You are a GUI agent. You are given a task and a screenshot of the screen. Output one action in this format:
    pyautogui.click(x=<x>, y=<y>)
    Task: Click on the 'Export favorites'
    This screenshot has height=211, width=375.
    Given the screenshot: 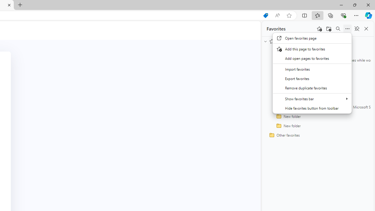 What is the action you would take?
    pyautogui.click(x=312, y=78)
    